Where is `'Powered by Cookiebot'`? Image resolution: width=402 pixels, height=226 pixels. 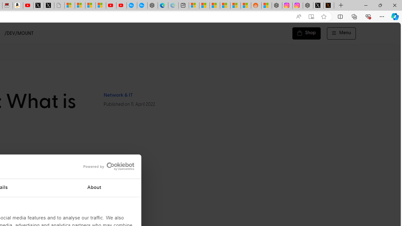
'Powered by Cookiebot' is located at coordinates (109, 166).